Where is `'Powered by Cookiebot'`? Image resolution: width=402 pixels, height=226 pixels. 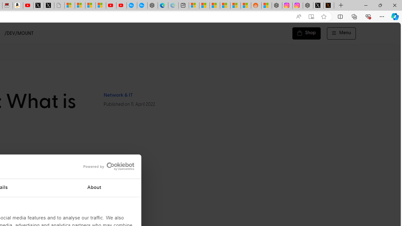
'Powered by Cookiebot' is located at coordinates (109, 166).